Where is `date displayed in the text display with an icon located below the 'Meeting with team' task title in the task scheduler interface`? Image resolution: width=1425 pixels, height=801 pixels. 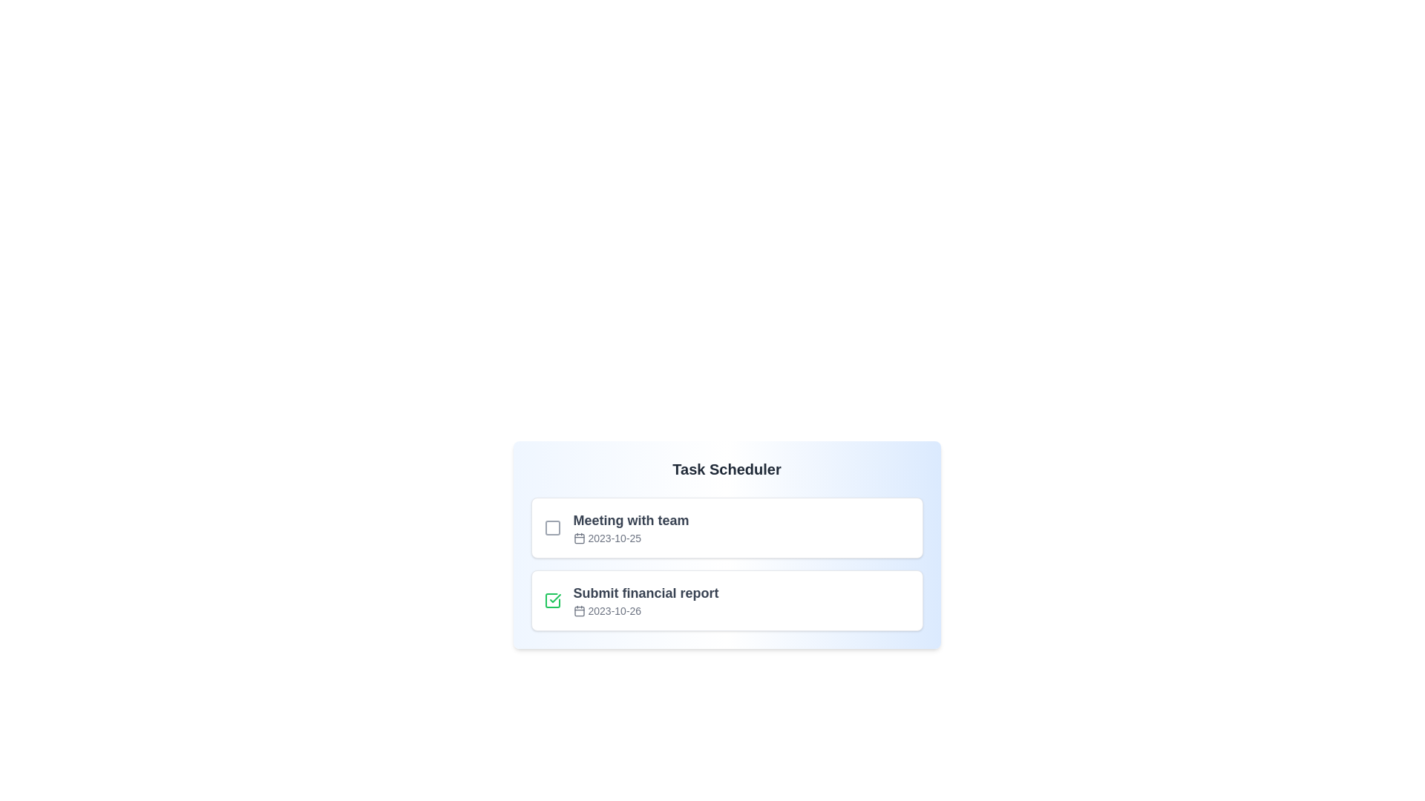 date displayed in the text display with an icon located below the 'Meeting with team' task title in the task scheduler interface is located at coordinates (631, 538).